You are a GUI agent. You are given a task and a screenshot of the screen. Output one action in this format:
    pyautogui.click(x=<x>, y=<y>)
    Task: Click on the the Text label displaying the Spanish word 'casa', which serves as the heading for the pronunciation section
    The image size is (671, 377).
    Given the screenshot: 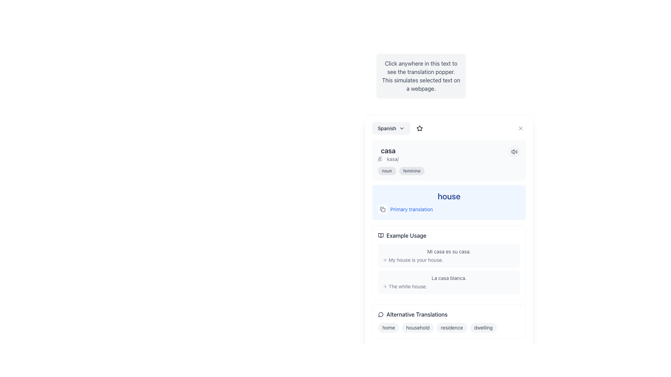 What is the action you would take?
    pyautogui.click(x=388, y=150)
    